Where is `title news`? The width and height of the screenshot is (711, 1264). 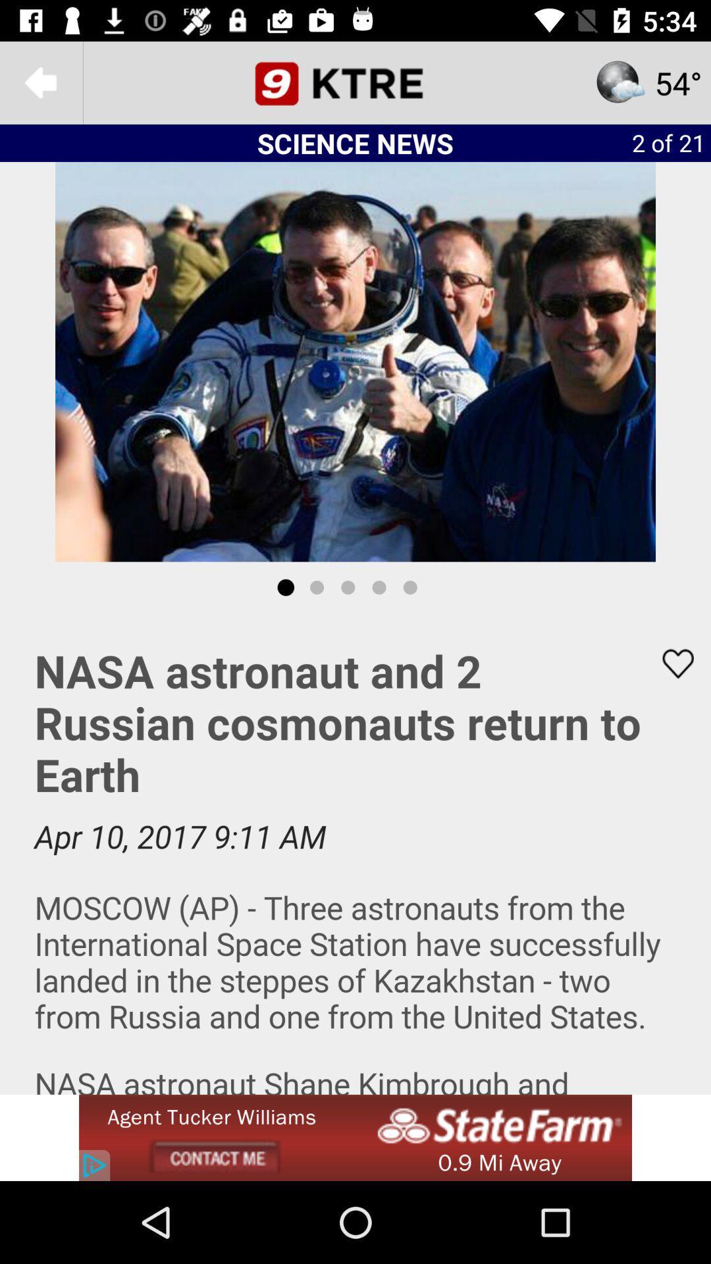
title news is located at coordinates (355, 82).